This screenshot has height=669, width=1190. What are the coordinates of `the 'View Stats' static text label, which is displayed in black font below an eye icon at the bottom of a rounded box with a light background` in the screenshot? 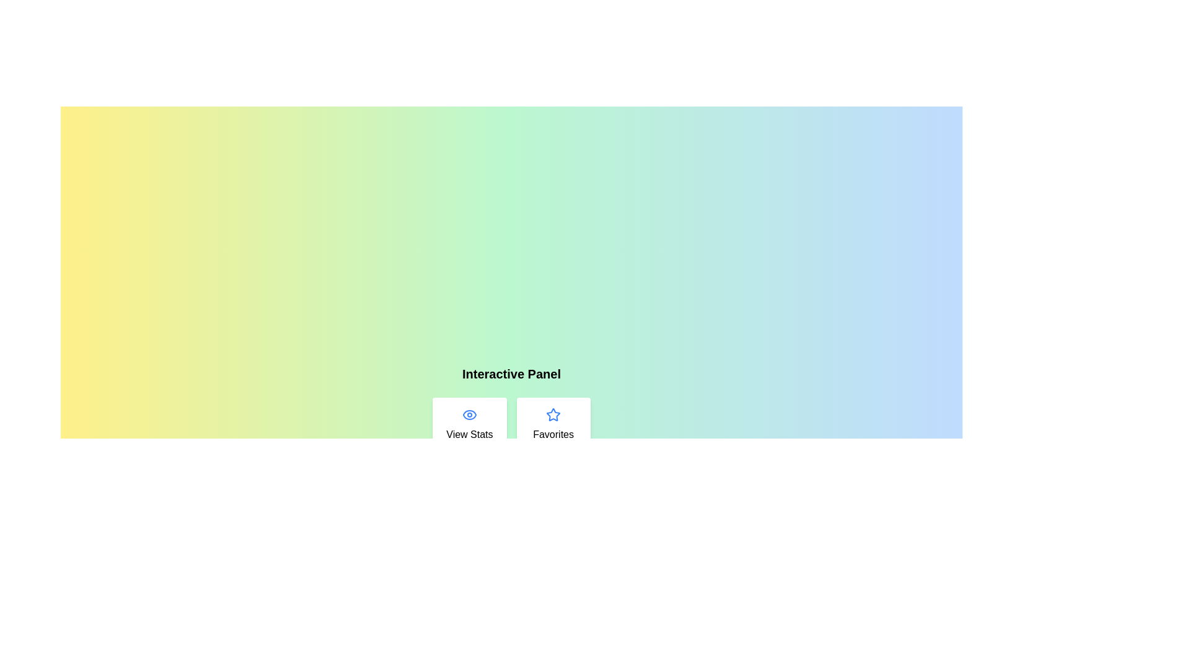 It's located at (469, 434).